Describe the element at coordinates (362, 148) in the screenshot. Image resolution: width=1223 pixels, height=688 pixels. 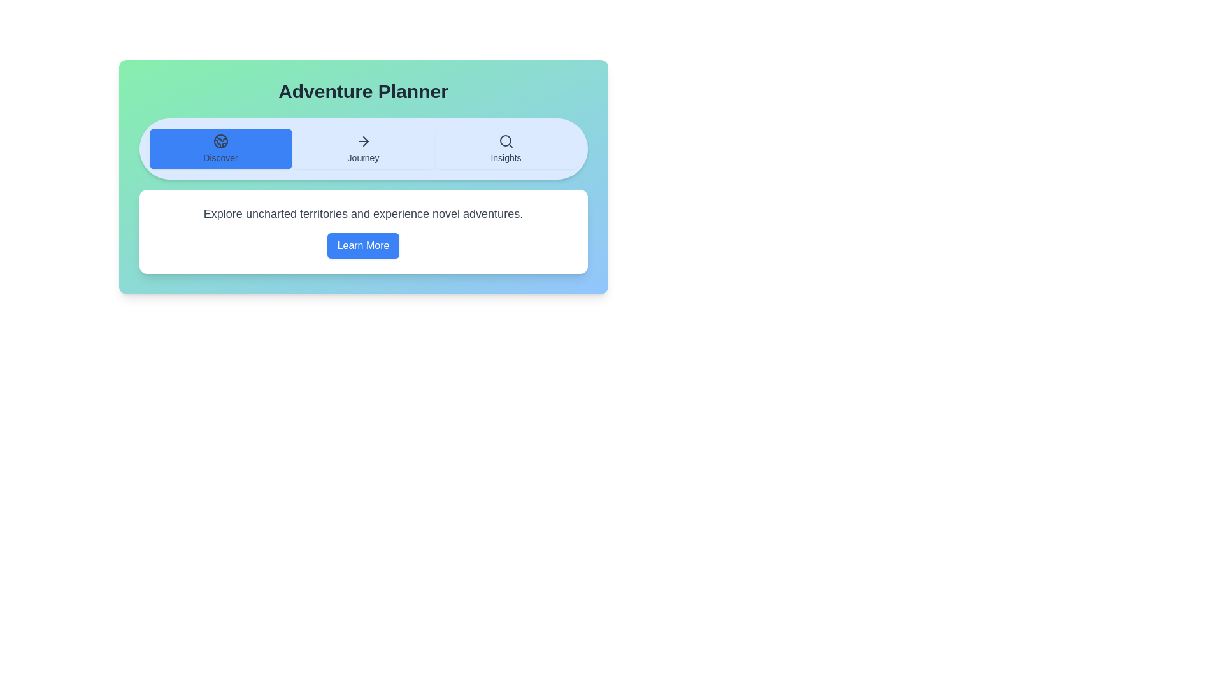
I see `the Tab Button labeled 'Journey' which is a rectangular button with a light background and dark outline, positioned between the 'Discover' and 'Insights' buttons` at that location.